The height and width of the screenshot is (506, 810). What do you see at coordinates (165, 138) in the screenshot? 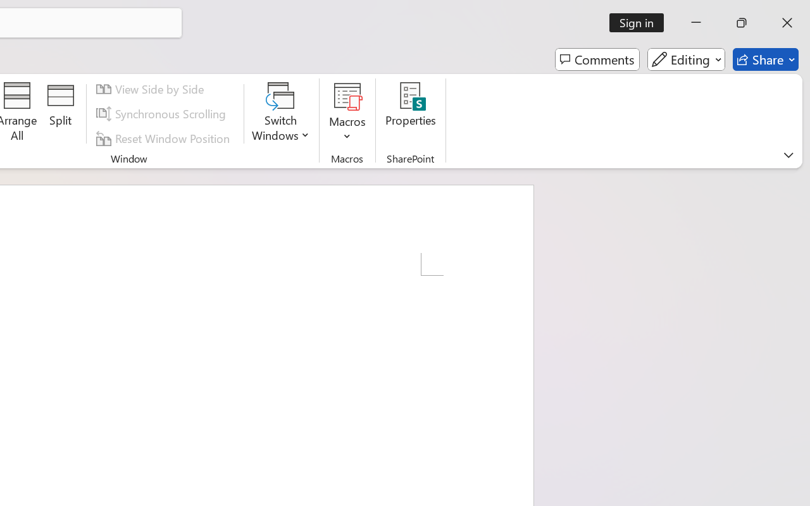
I see `'Reset Window Position'` at bounding box center [165, 138].